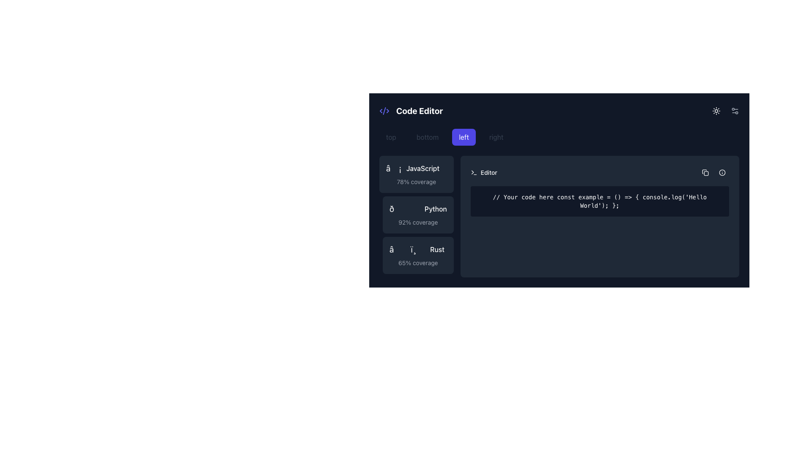 This screenshot has width=812, height=456. What do you see at coordinates (704, 171) in the screenshot?
I see `the SVG icon component resembling a document or copy symbol with rounded corners` at bounding box center [704, 171].